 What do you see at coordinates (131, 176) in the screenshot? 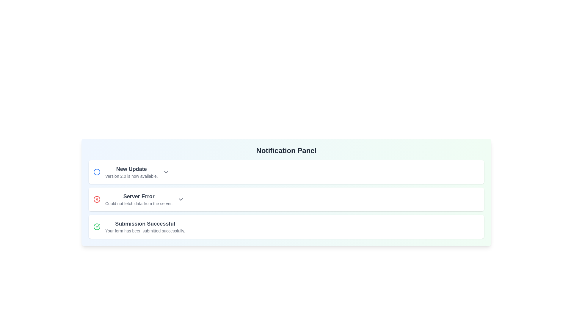
I see `the text description element that displays 'Version 2.0 is now available.' which is located directly below the 'New Update' header` at bounding box center [131, 176].